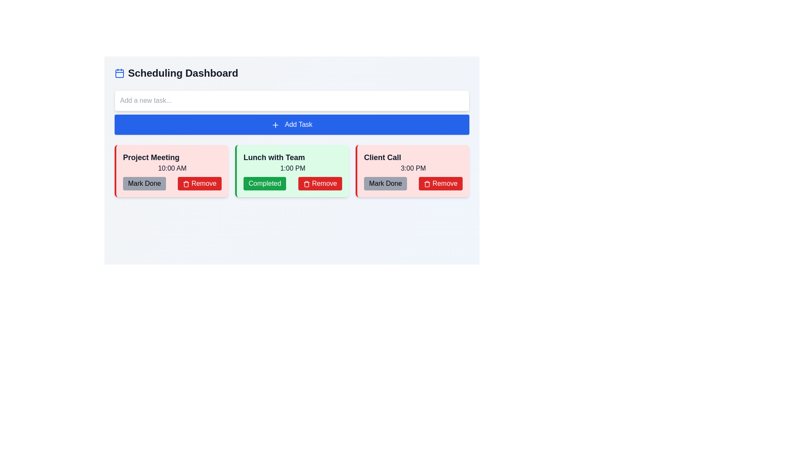 The height and width of the screenshot is (455, 809). I want to click on information displayed in the text label showing '10:00 AM' located within the pale red box under the 'Project Meeting' card, so click(171, 169).